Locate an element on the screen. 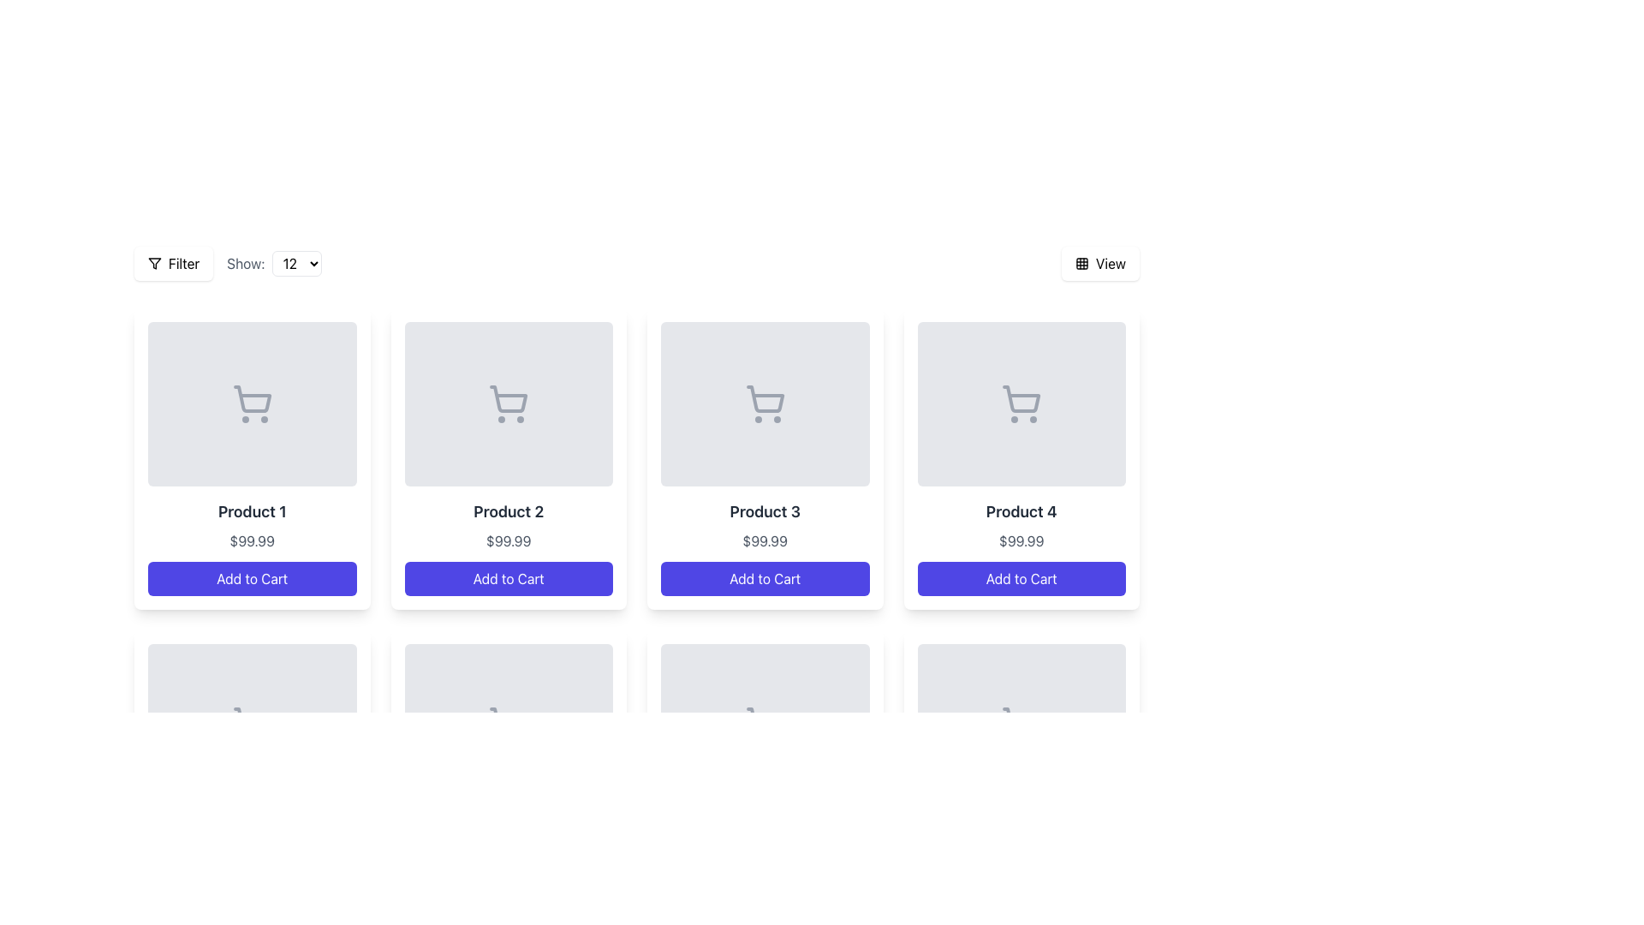 The image size is (1644, 925). the shopping cart icon associated with 'Product 1' located is located at coordinates (251, 403).